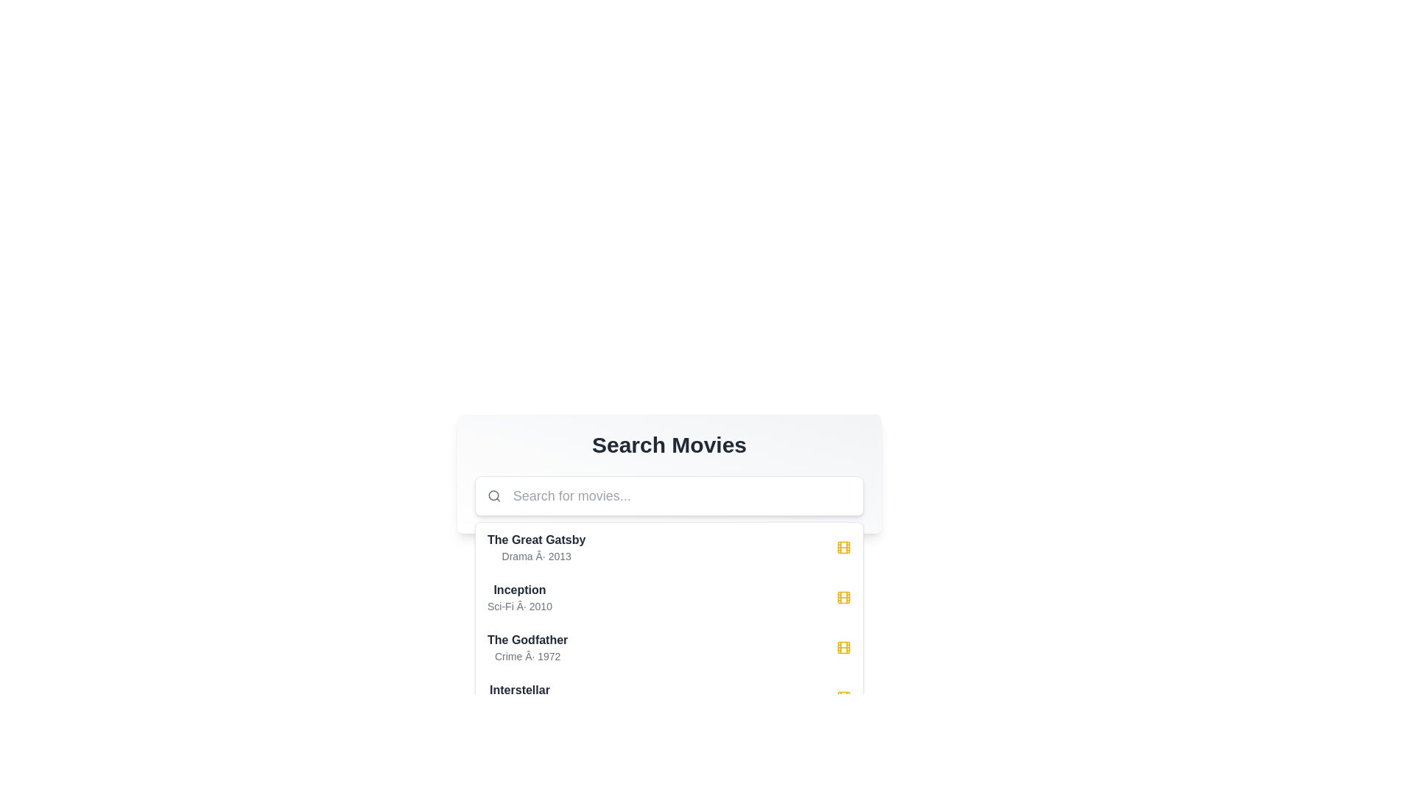 The height and width of the screenshot is (795, 1414). Describe the element at coordinates (668, 548) in the screenshot. I see `the first movie item in the dropdown list` at that location.